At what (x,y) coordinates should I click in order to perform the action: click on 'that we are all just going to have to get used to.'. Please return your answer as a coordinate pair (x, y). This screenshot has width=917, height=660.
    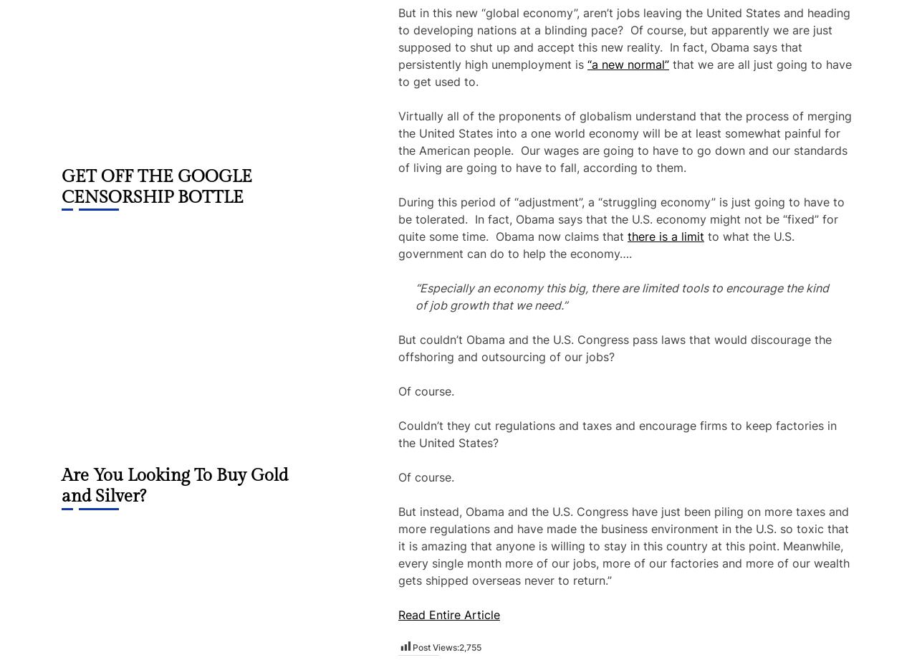
    Looking at the image, I should click on (625, 72).